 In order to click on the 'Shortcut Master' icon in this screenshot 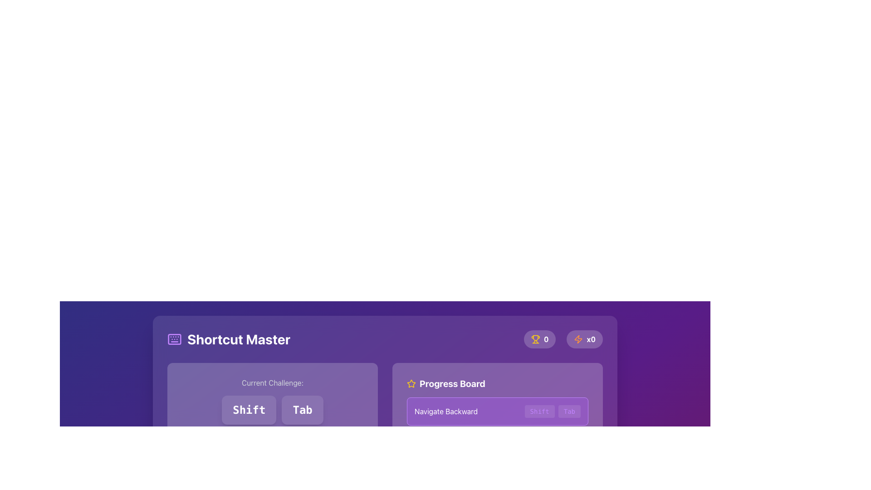, I will do `click(174, 339)`.